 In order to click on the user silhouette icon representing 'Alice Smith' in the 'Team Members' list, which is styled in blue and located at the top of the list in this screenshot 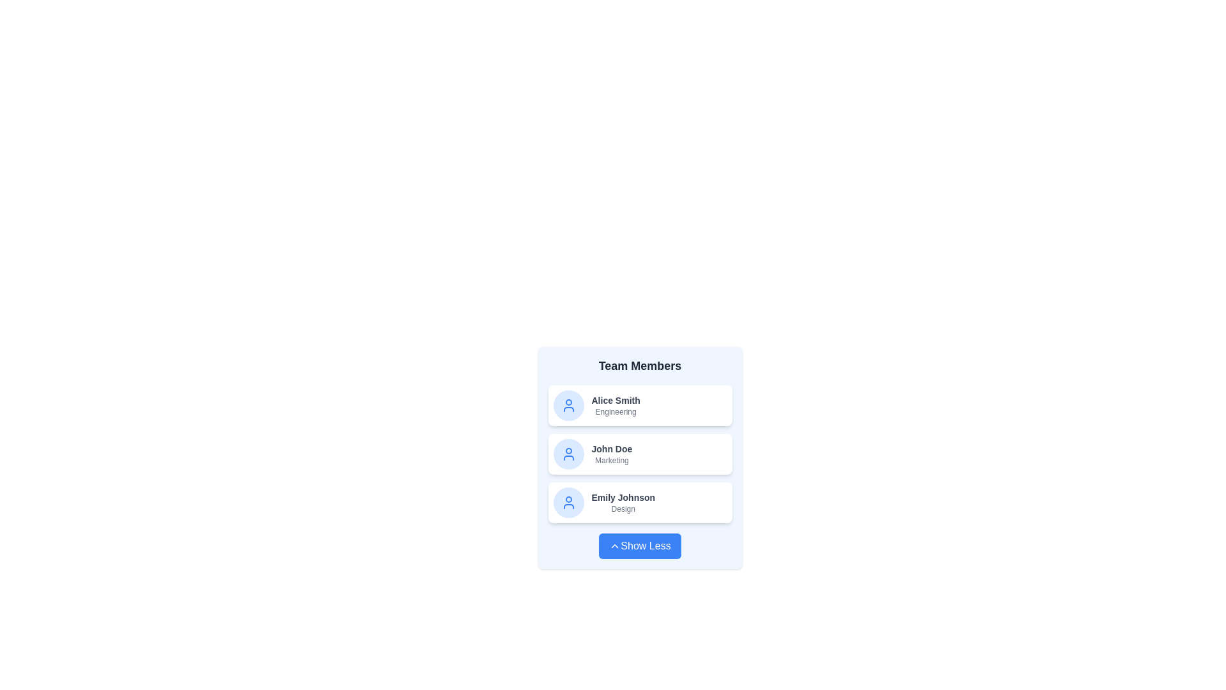, I will do `click(568, 406)`.